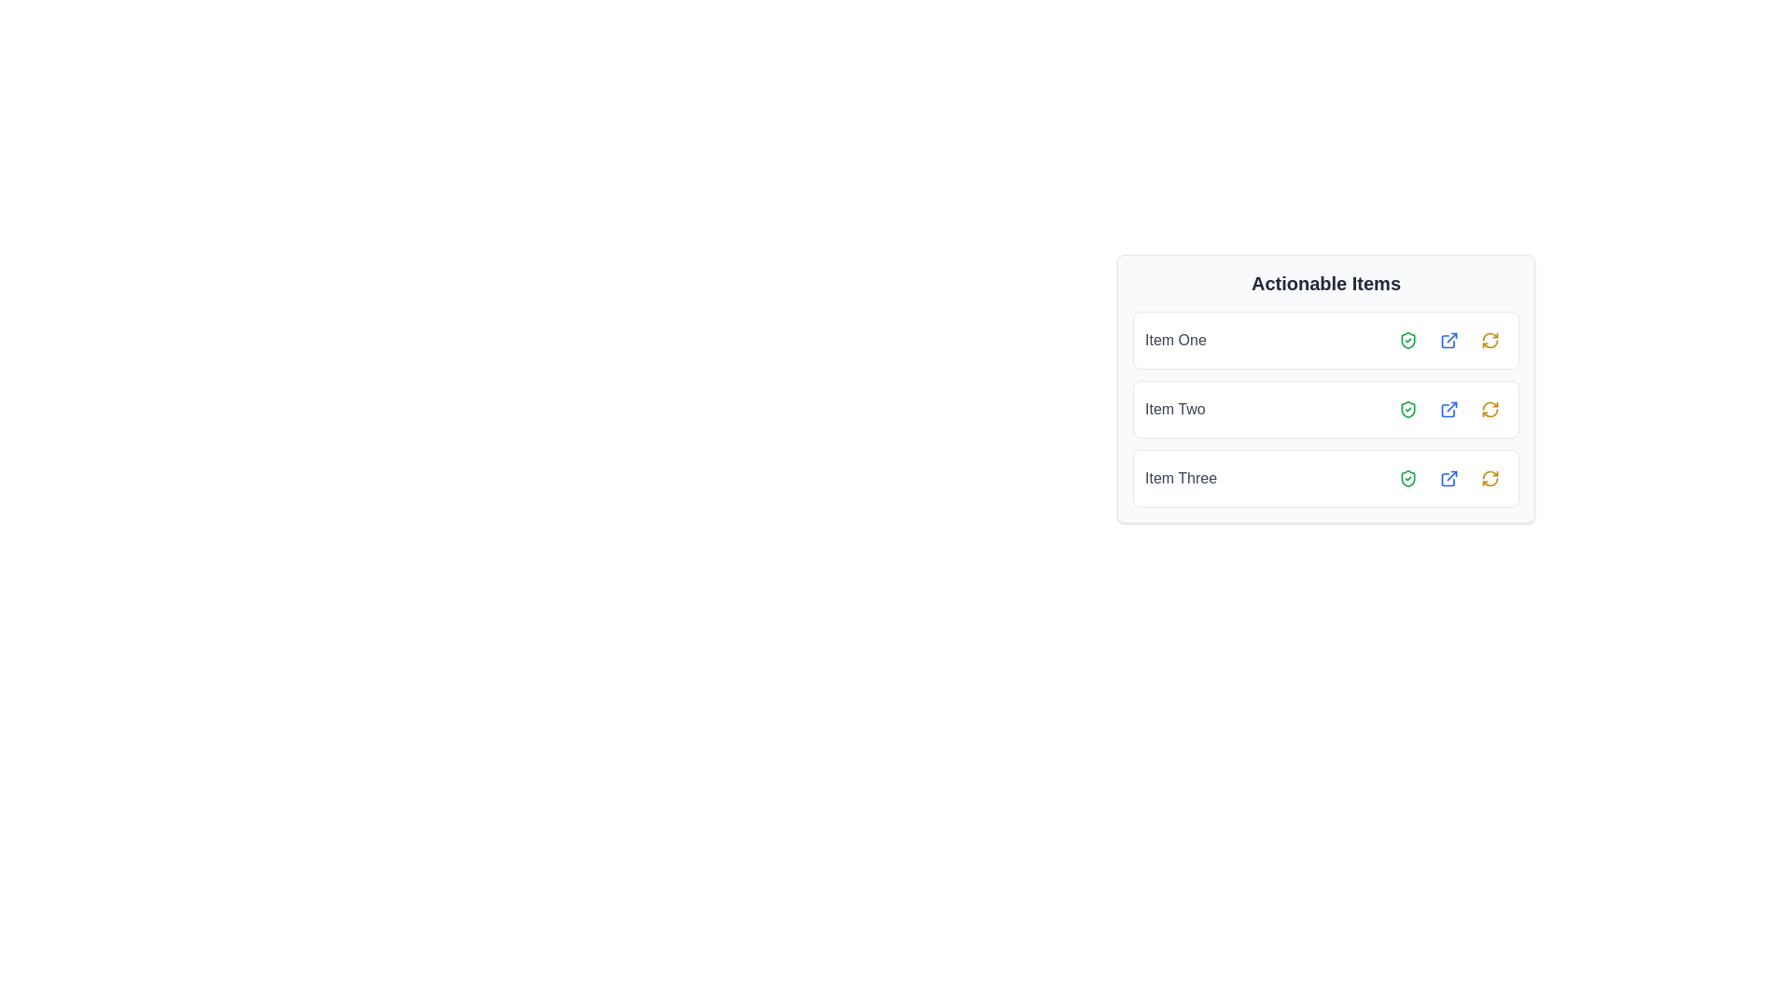 The height and width of the screenshot is (1008, 1792). What do you see at coordinates (1407, 409) in the screenshot?
I see `the green shield SVG icon with a checkmark located in the 'Actionable Items' panel next to 'Item Two'` at bounding box center [1407, 409].